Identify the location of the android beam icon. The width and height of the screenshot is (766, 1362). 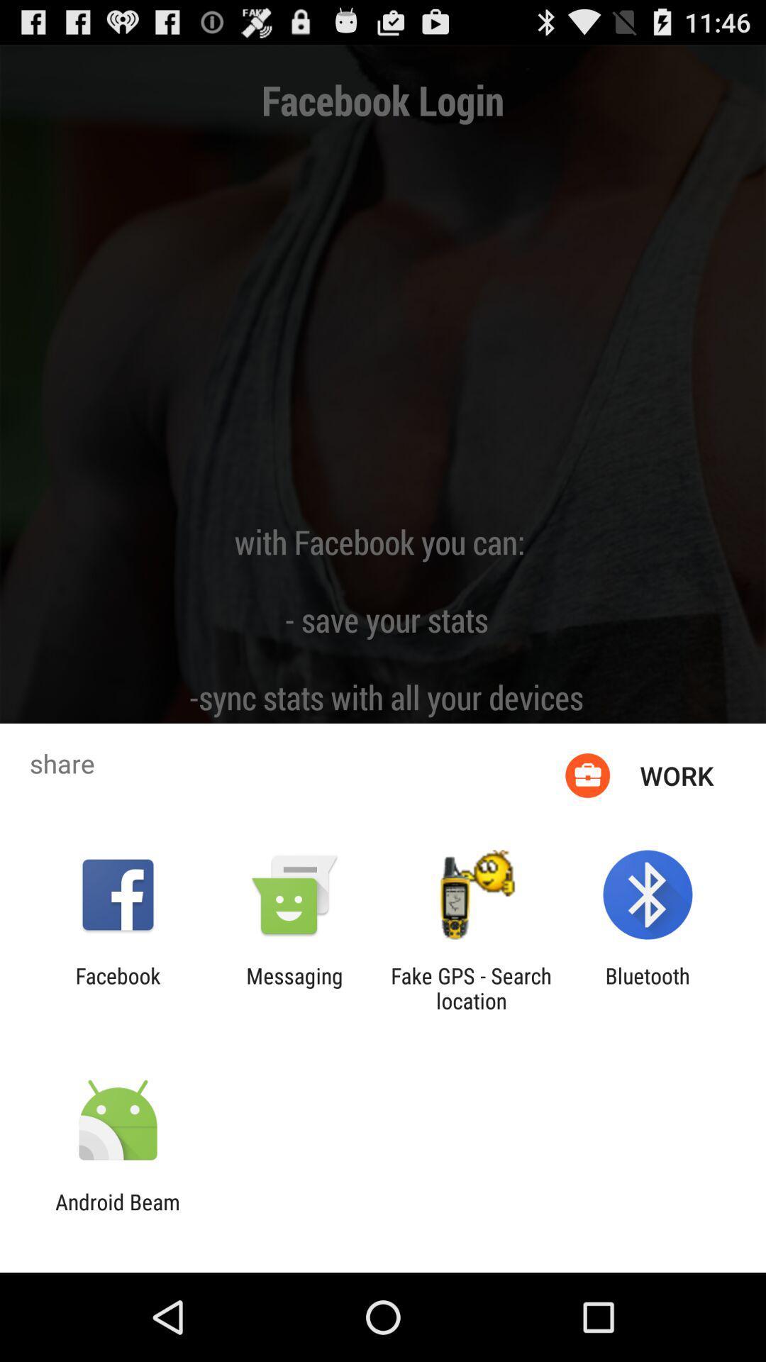
(117, 1214).